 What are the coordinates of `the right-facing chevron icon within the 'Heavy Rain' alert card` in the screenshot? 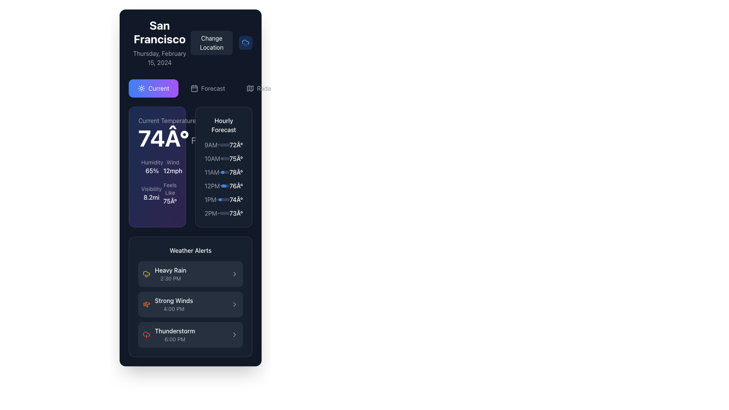 It's located at (234, 274).